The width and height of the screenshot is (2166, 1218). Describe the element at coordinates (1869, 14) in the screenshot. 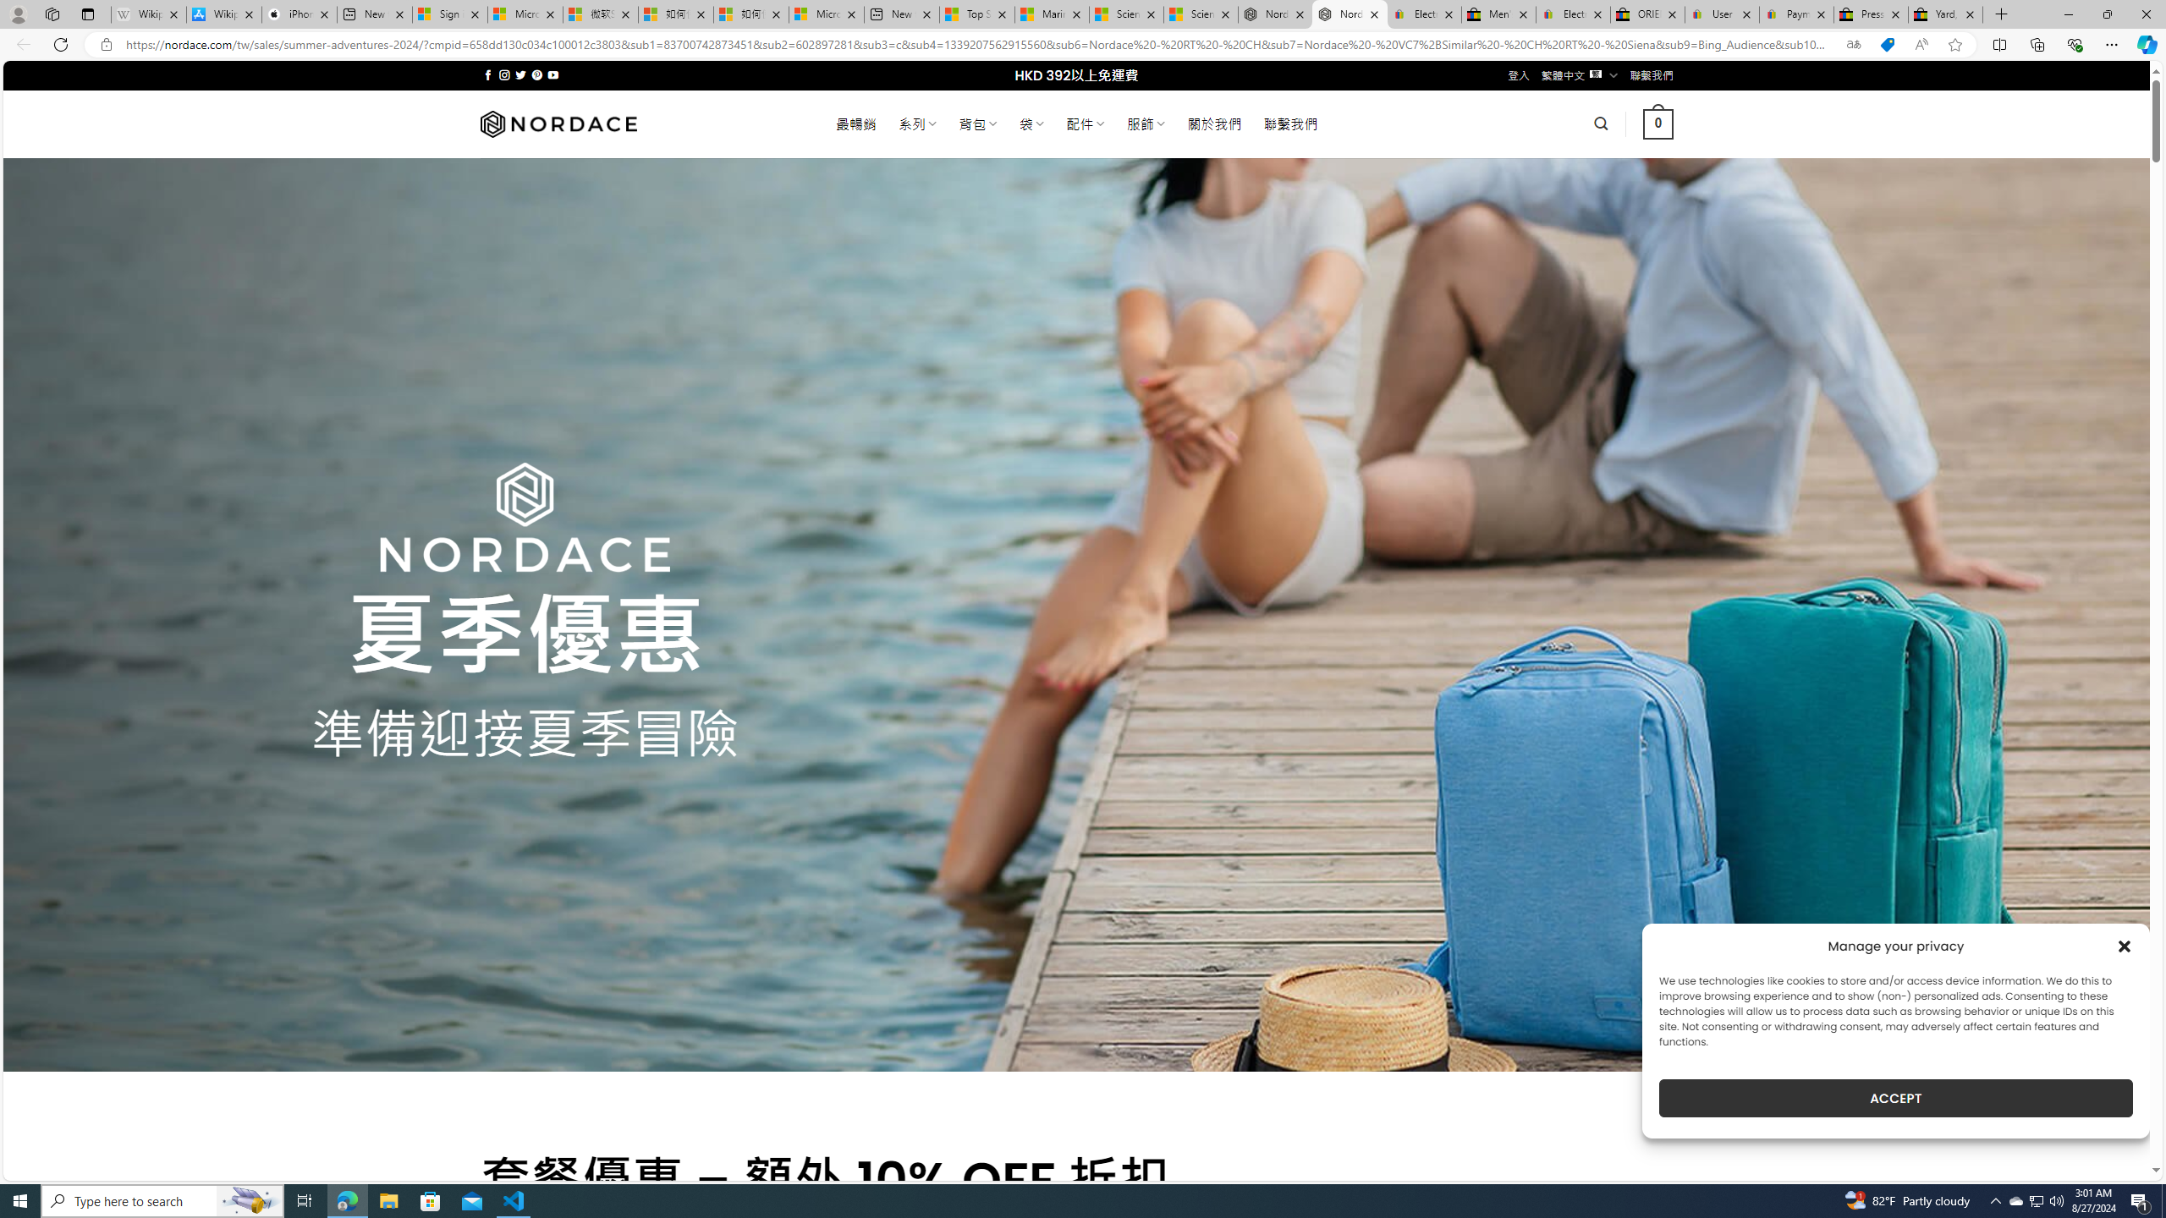

I see `'Press Room - eBay Inc.'` at that location.